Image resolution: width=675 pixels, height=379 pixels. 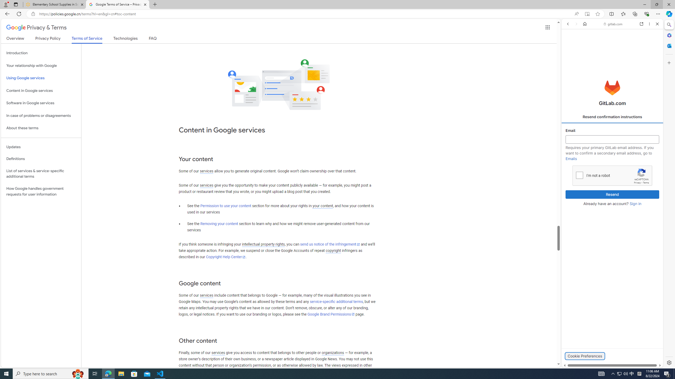 I want to click on 'Email', so click(x=613, y=139).